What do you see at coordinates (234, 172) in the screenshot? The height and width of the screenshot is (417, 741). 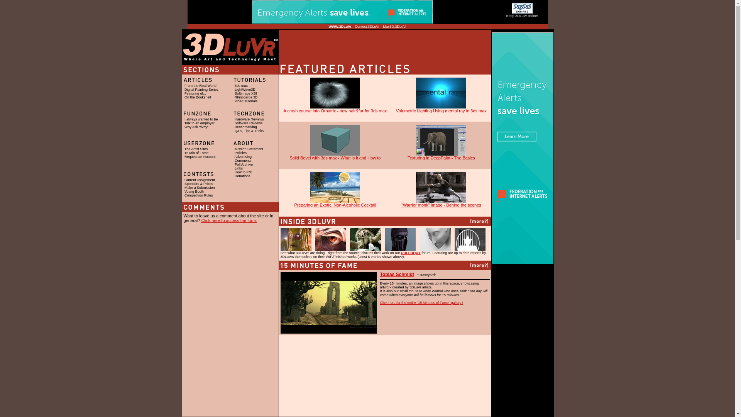 I see `'How to IRC'` at bounding box center [234, 172].